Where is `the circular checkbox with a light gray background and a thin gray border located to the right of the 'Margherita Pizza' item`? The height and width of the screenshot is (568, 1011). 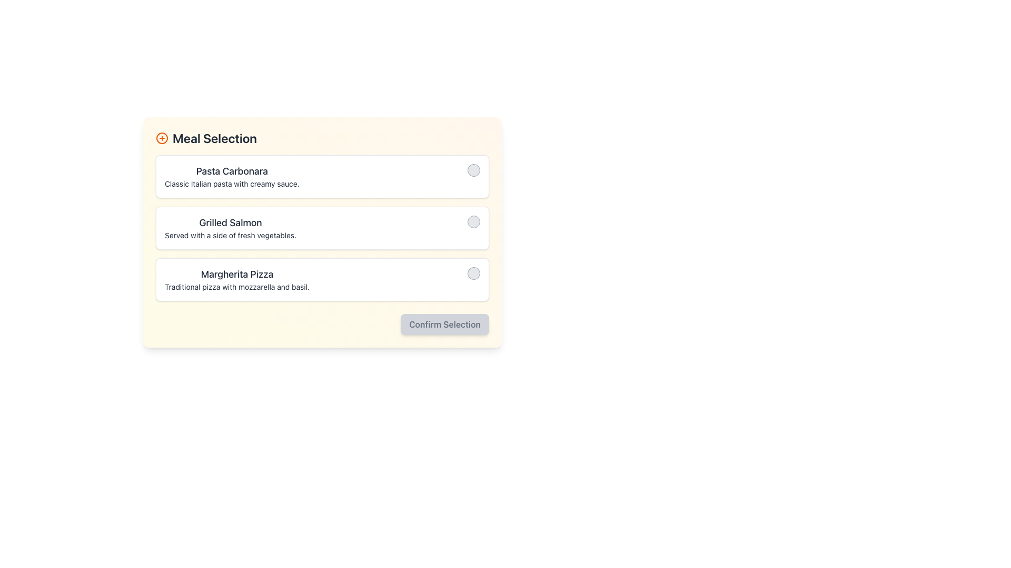
the circular checkbox with a light gray background and a thin gray border located to the right of the 'Margherita Pizza' item is located at coordinates (473, 273).